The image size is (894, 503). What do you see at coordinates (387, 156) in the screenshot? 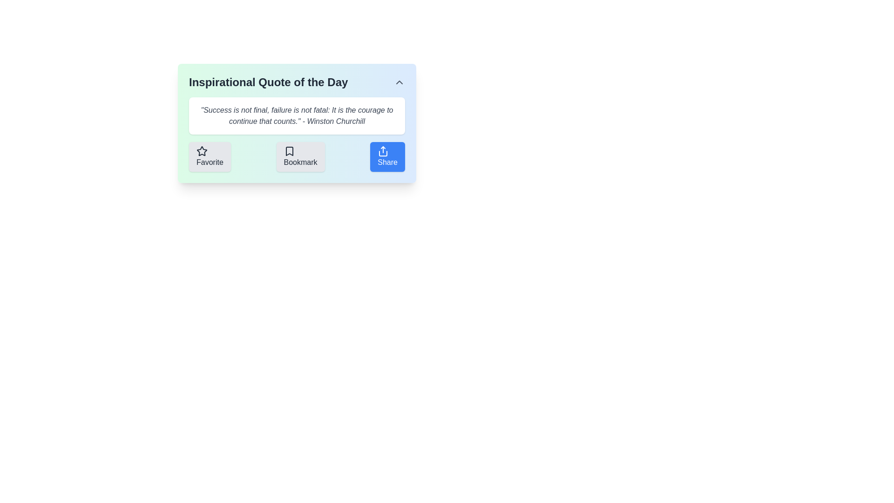
I see `the 'Share' button with a blue background and white text` at bounding box center [387, 156].